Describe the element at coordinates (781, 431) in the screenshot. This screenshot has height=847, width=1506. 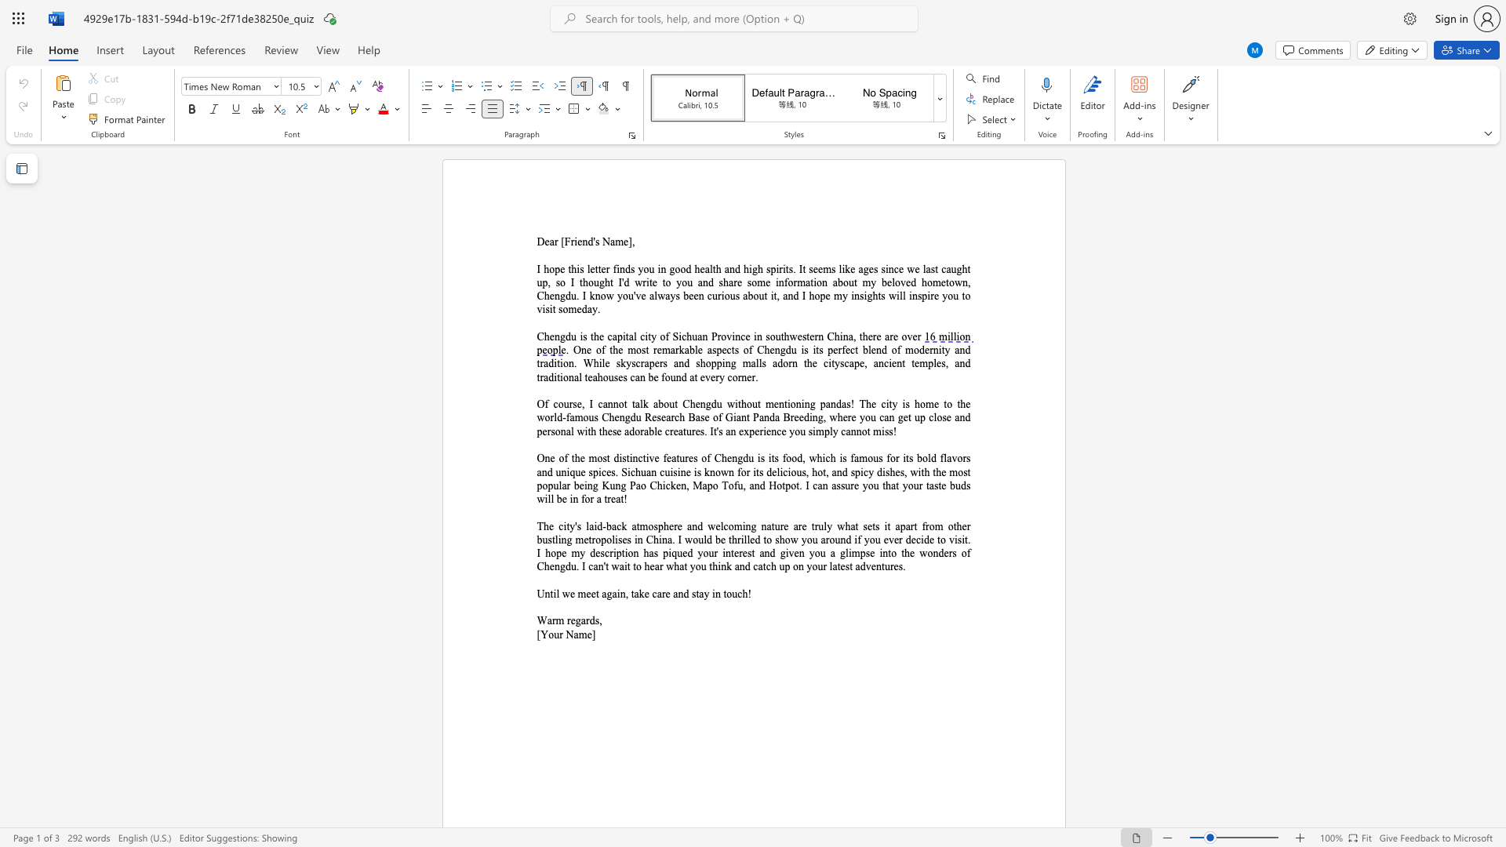
I see `the subset text "e you simply" within the text "an experience you simply cannot miss!"` at that location.